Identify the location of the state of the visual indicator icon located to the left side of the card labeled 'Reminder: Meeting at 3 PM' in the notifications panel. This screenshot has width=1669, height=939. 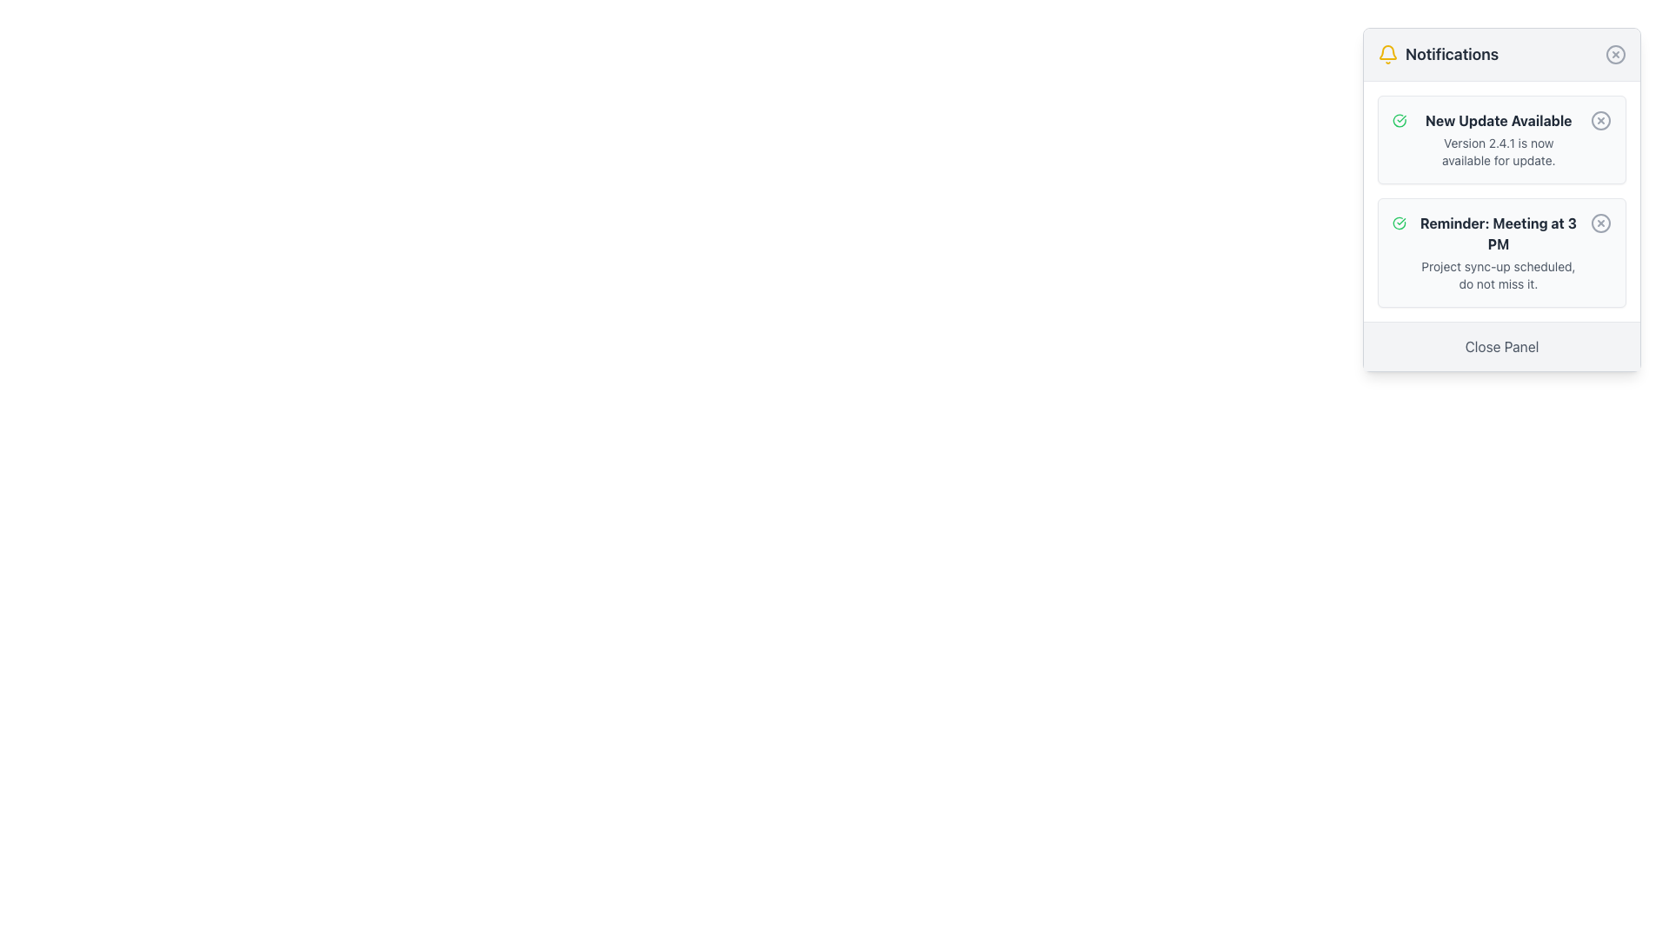
(1399, 223).